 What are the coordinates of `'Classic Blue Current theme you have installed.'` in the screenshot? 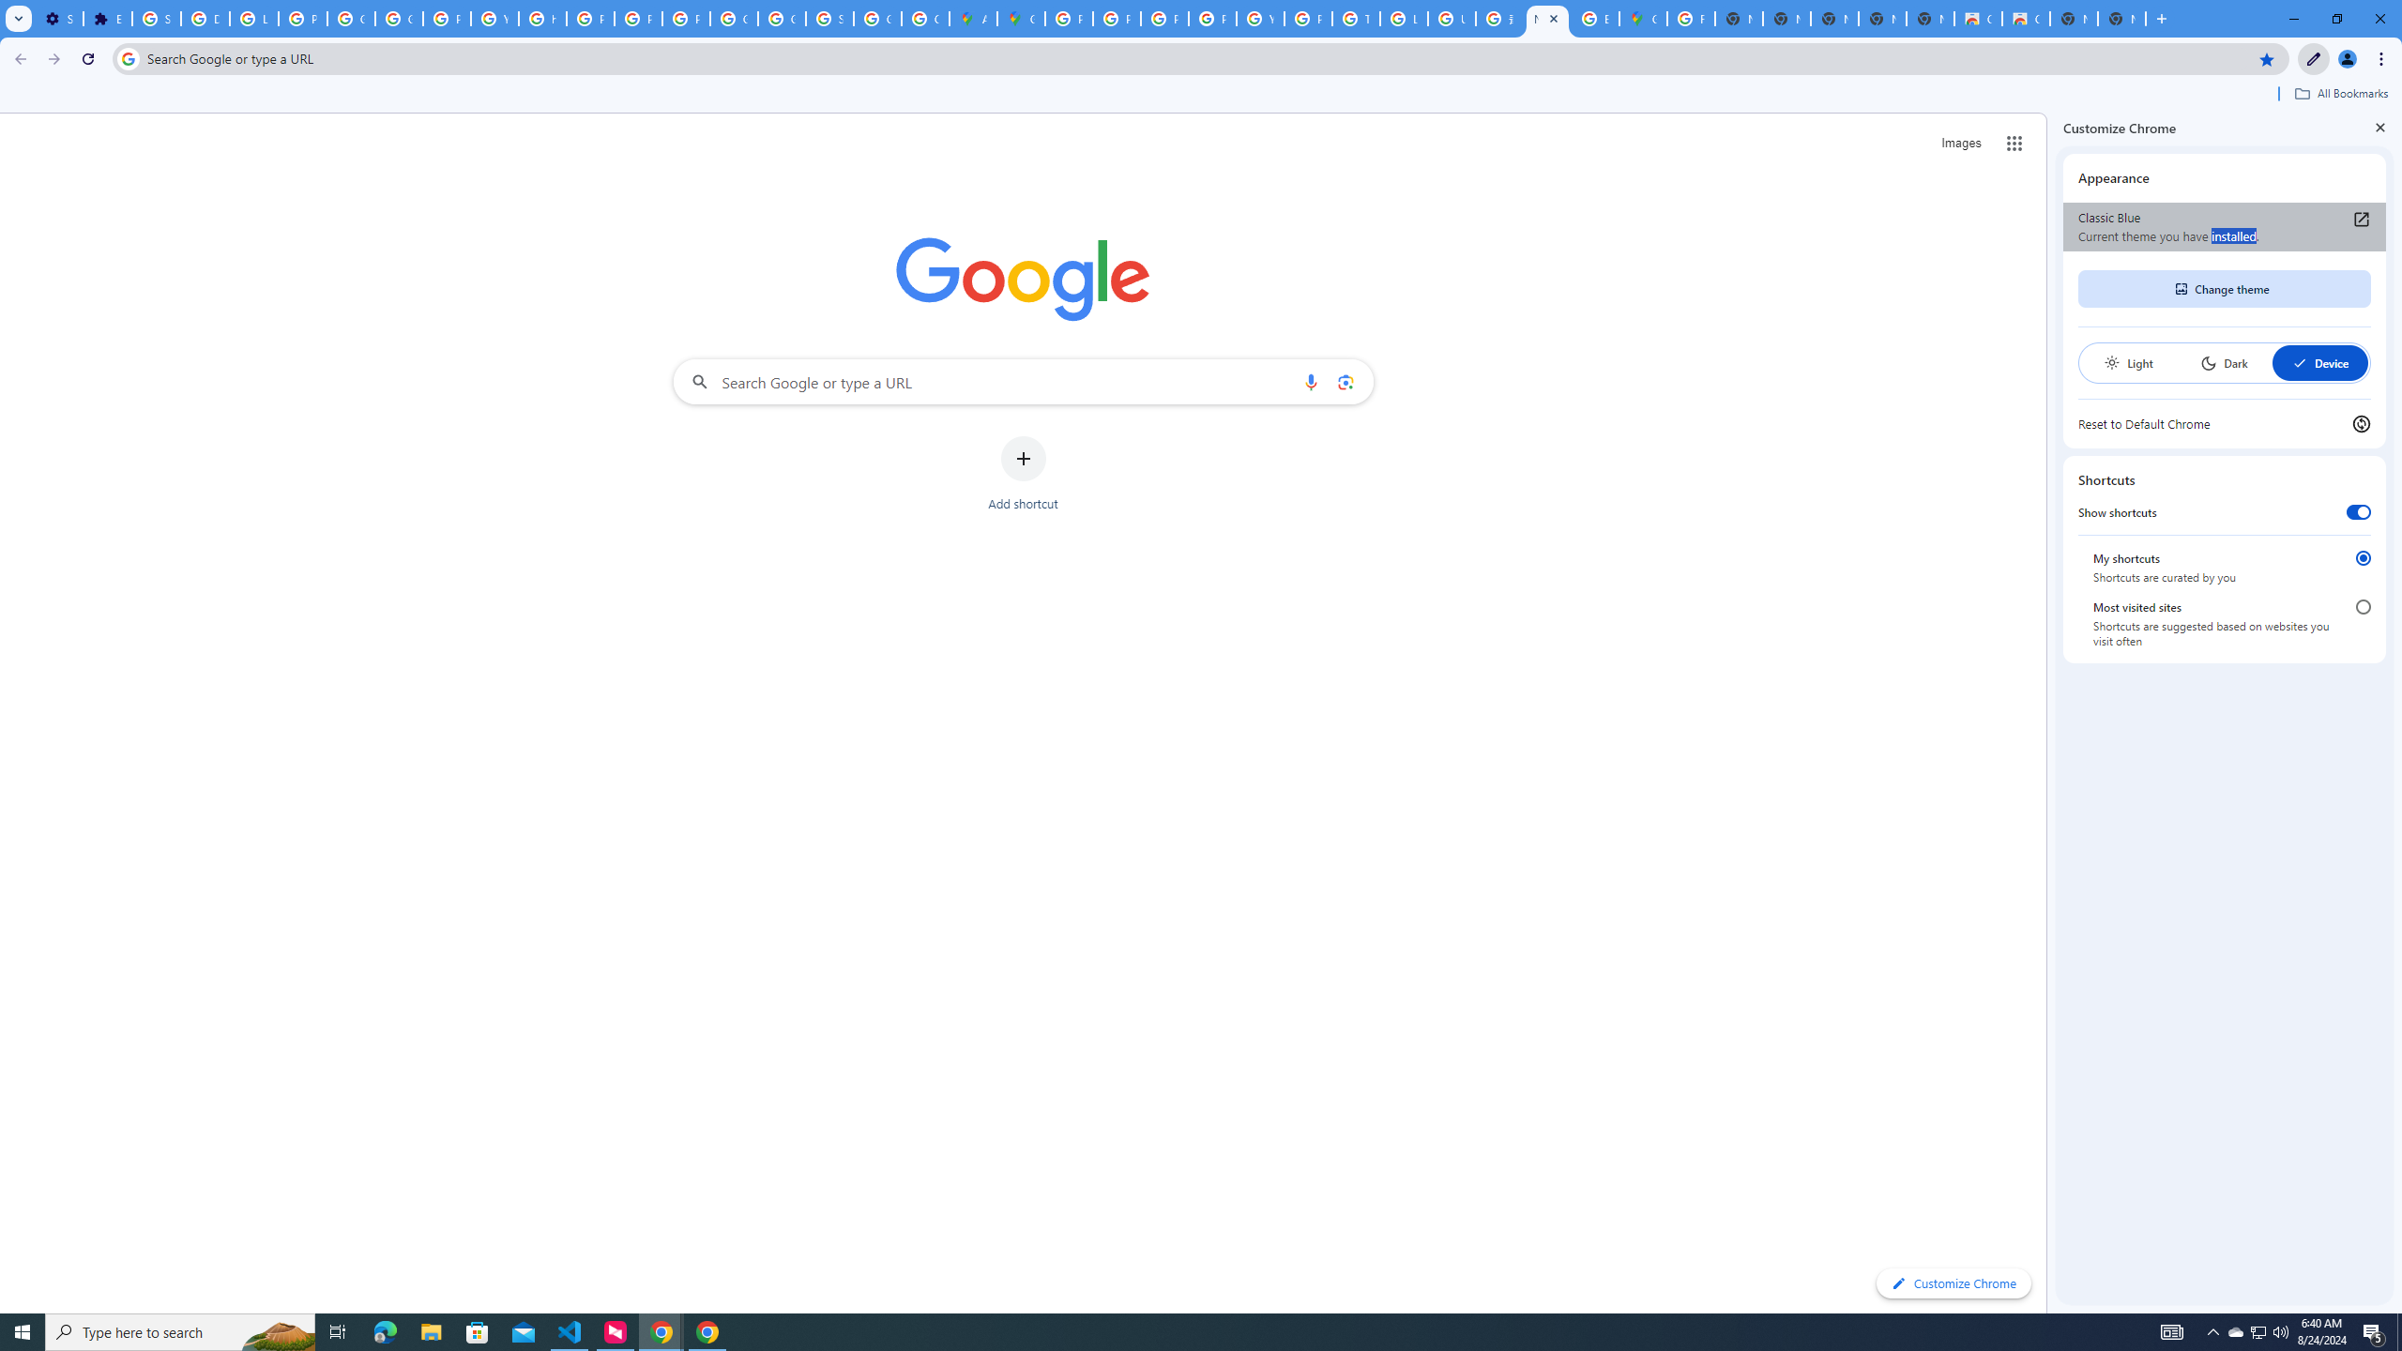 It's located at (2223, 226).